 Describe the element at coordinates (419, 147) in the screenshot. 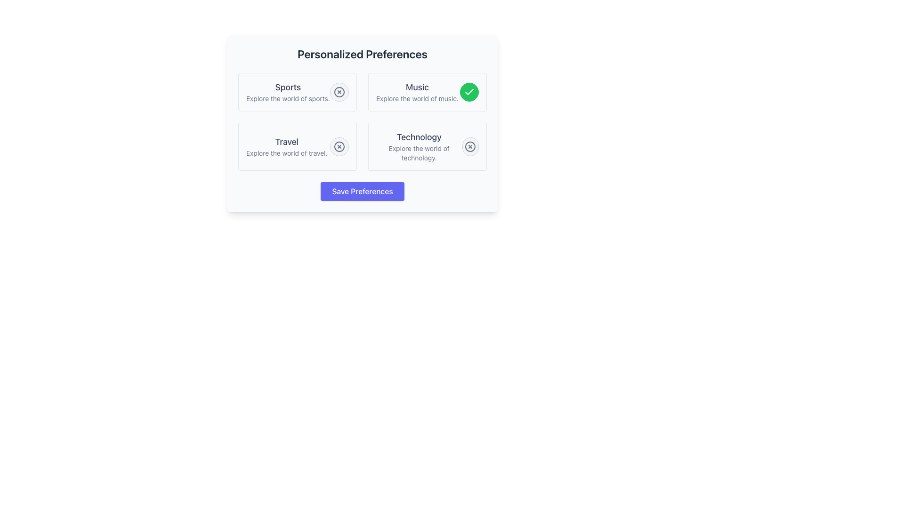

I see `text from the Text Label containing the title 'Technology' and subtitle 'Explore the world of technology.' positioned in the right column of the grid under the 'Music' section` at that location.